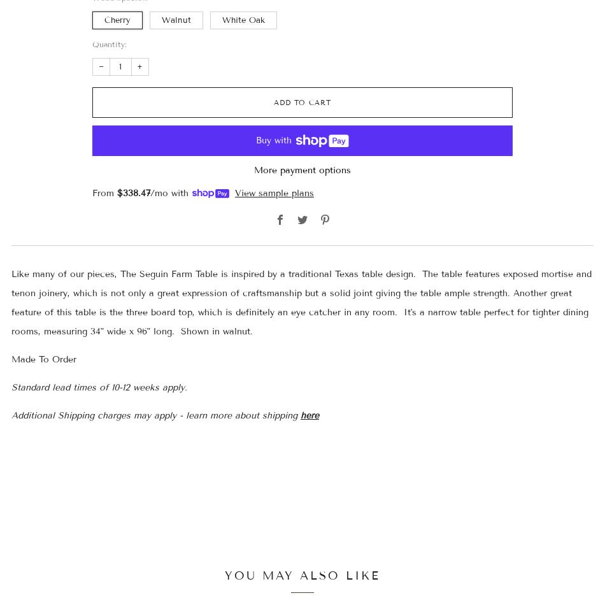  I want to click on 'You may also like', so click(302, 574).